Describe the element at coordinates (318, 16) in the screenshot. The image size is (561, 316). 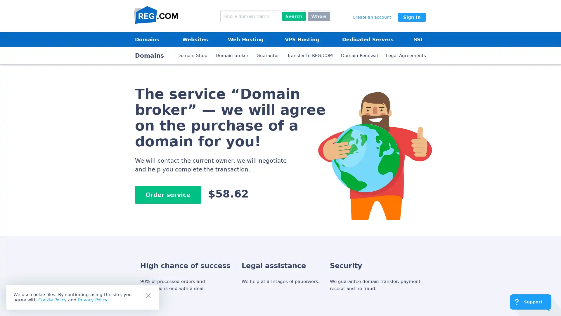
I see `Whois` at that location.